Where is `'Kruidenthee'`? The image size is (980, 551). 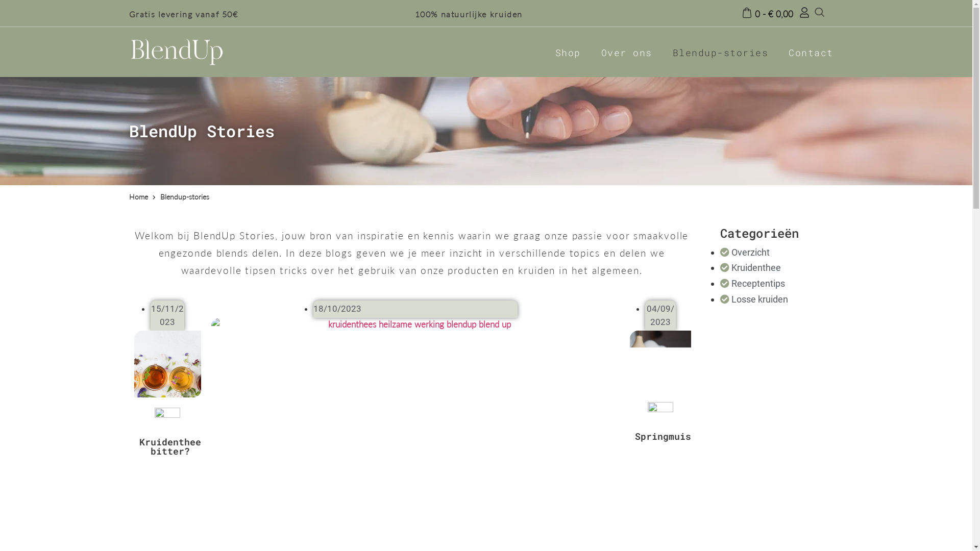
'Kruidenthee' is located at coordinates (750, 267).